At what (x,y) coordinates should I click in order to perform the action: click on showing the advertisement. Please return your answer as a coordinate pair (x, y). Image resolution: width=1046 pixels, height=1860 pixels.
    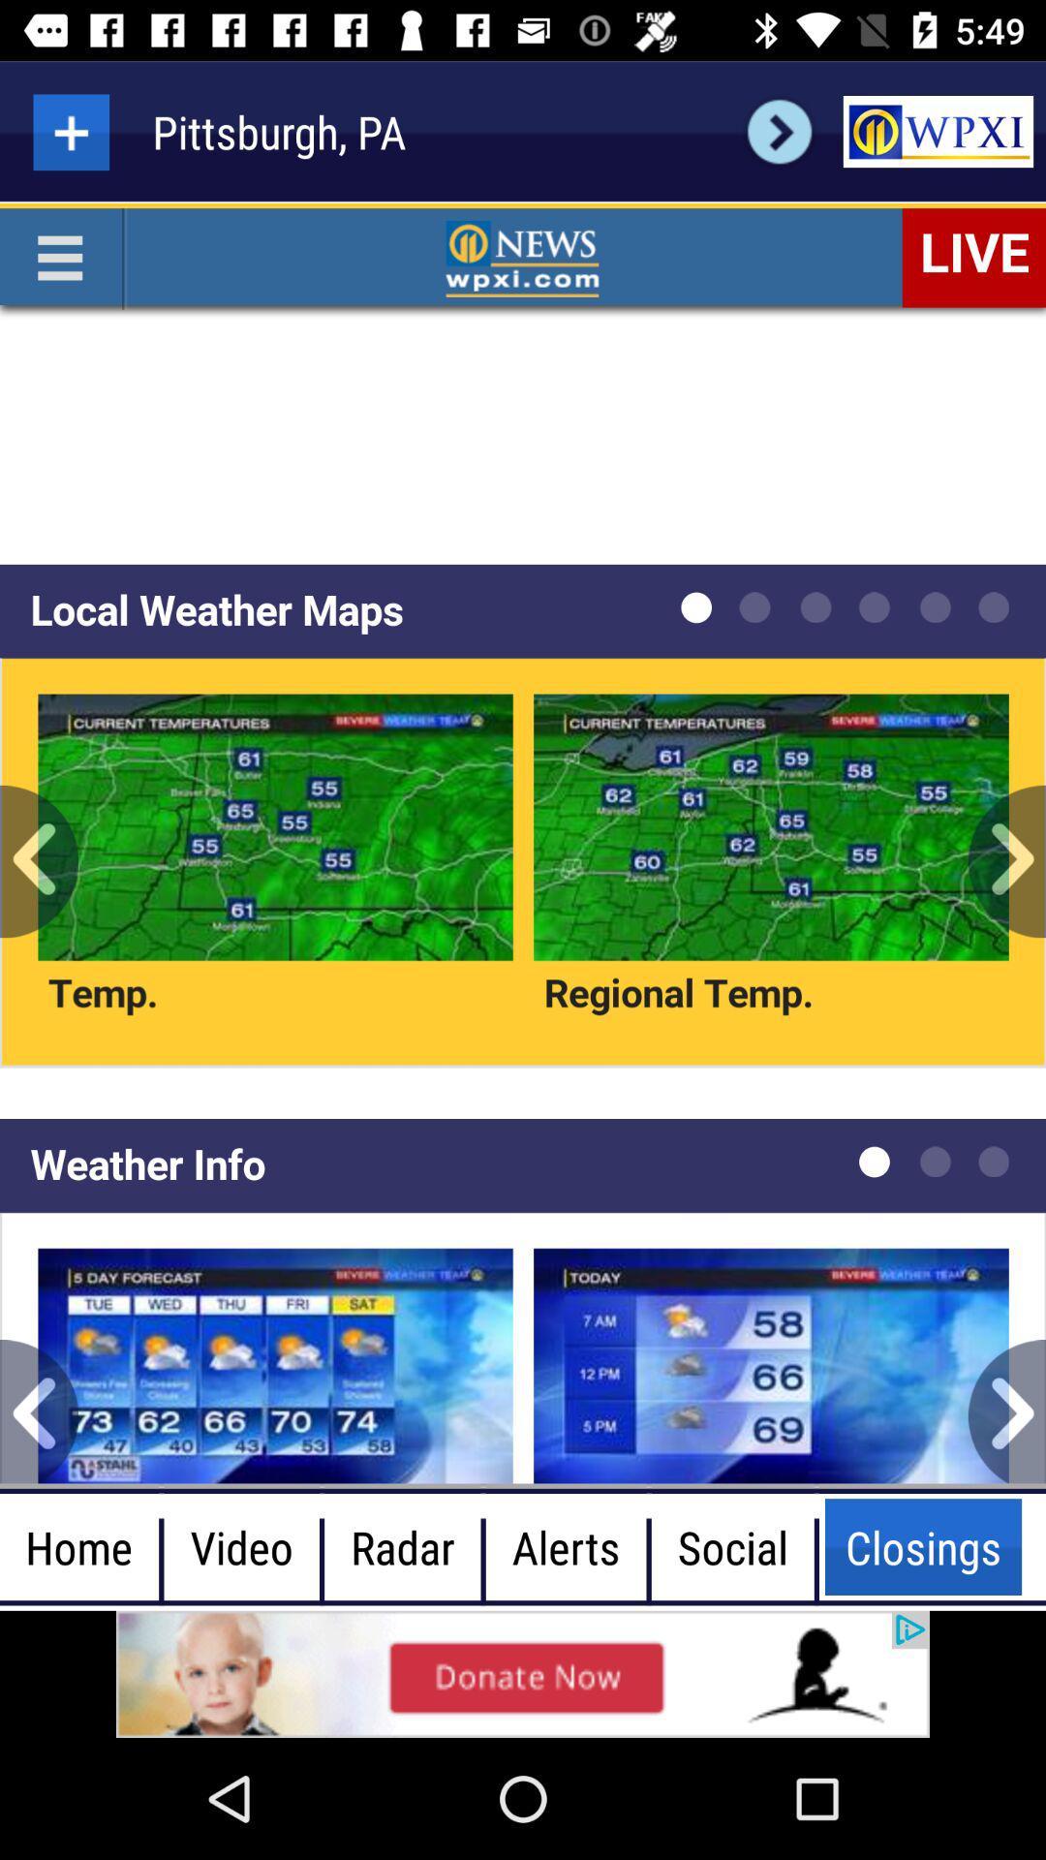
    Looking at the image, I should click on (523, 1673).